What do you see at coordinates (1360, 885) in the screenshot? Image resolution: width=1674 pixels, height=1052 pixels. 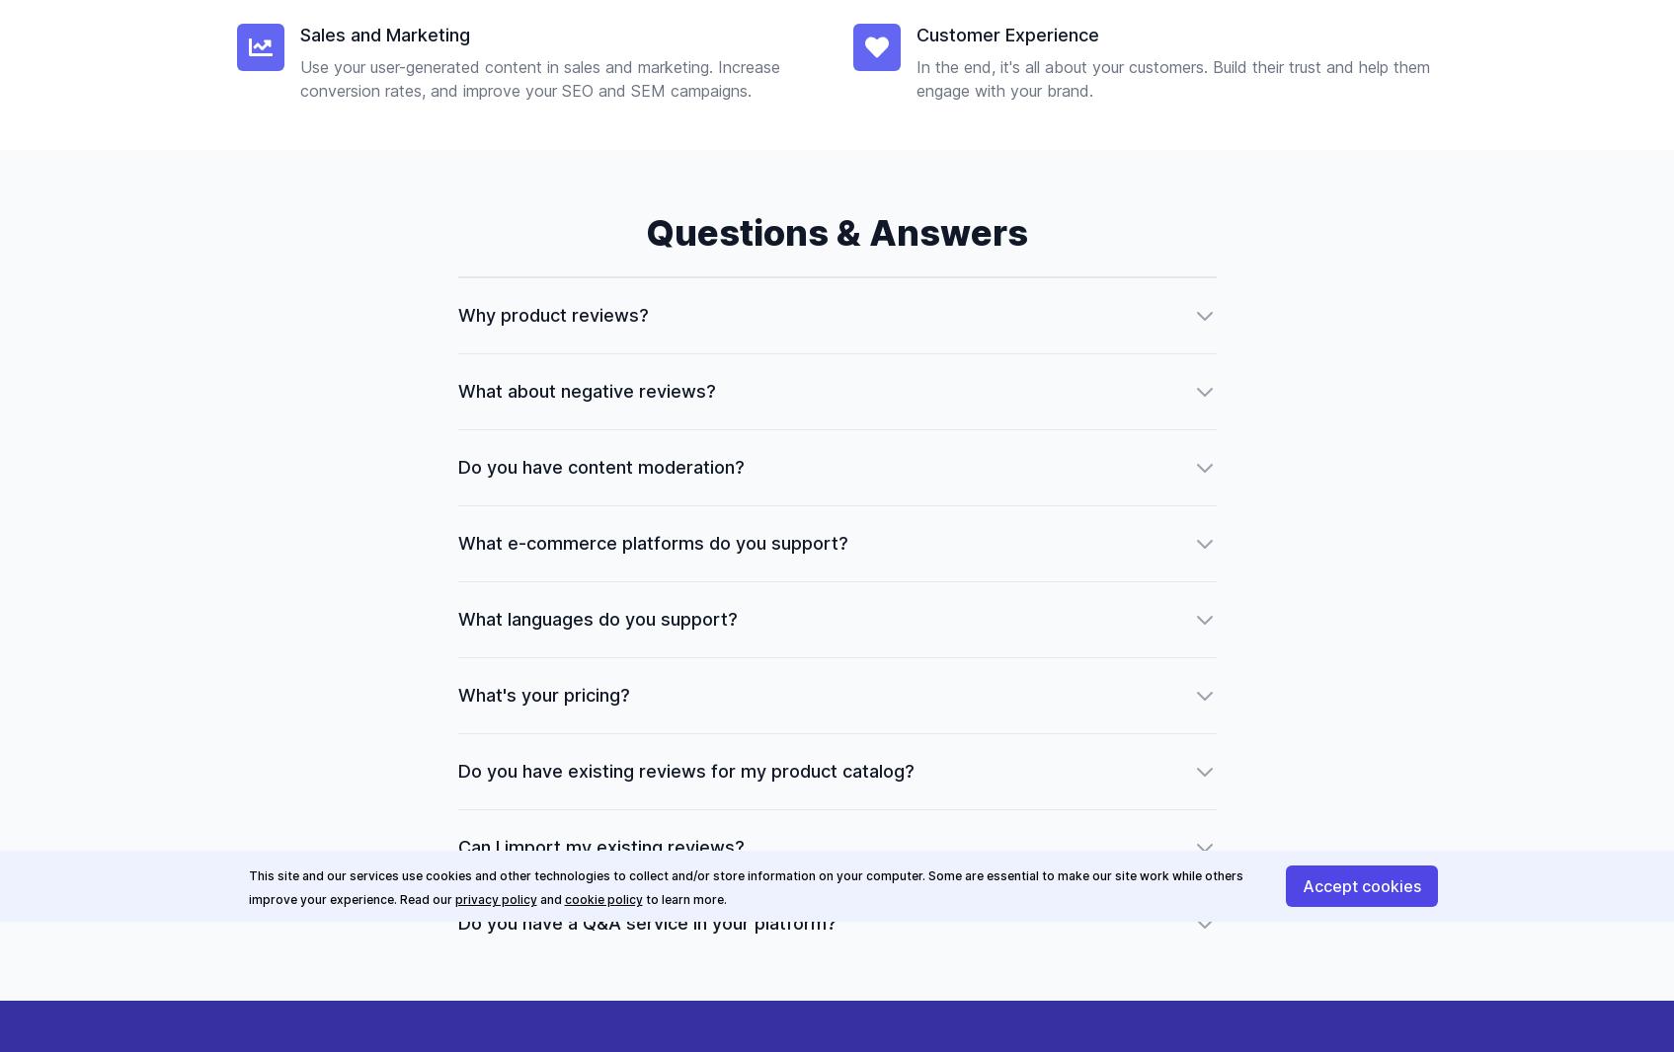 I see `'Accept cookies'` at bounding box center [1360, 885].